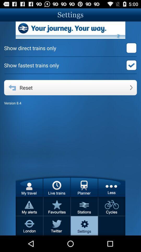 The image size is (141, 252). Describe the element at coordinates (84, 240) in the screenshot. I see `the settings icon` at that location.